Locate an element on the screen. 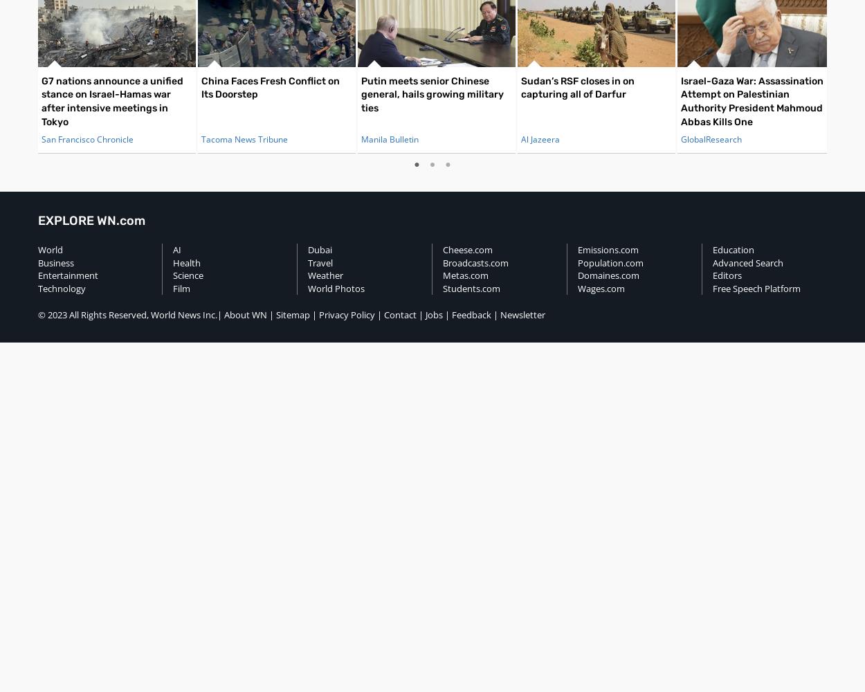 The height and width of the screenshot is (692, 865). 'Editors' is located at coordinates (727, 275).